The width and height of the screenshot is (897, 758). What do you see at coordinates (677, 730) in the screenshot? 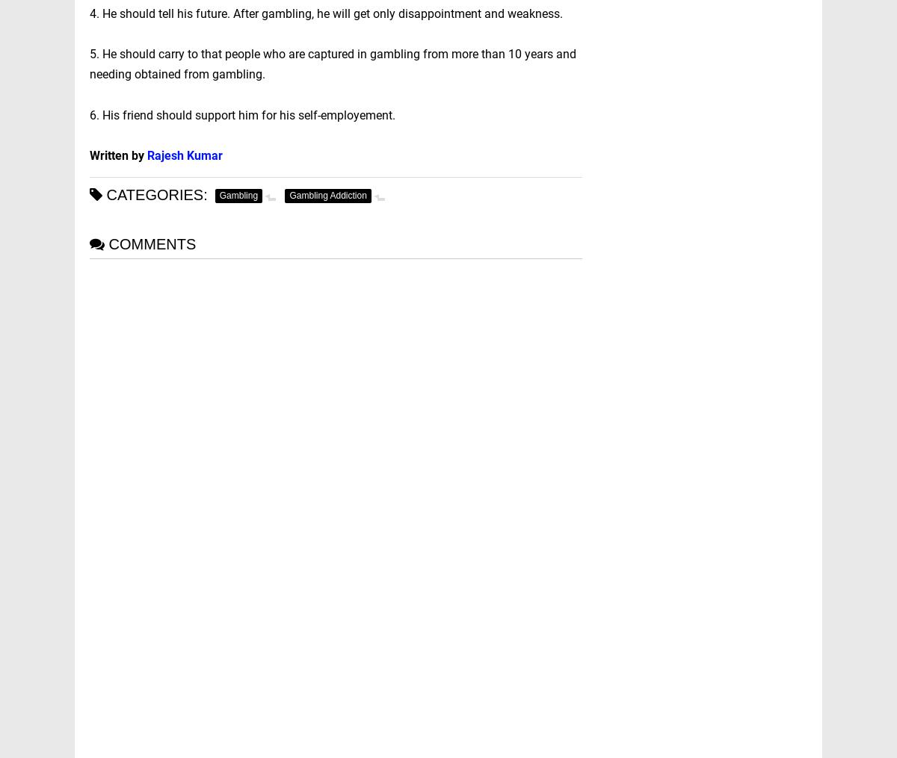
I see `'Corporate Law'` at bounding box center [677, 730].